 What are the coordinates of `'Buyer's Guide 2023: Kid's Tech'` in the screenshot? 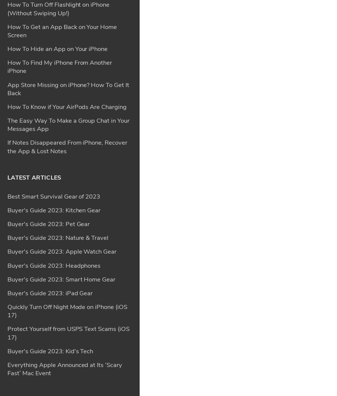 It's located at (50, 132).